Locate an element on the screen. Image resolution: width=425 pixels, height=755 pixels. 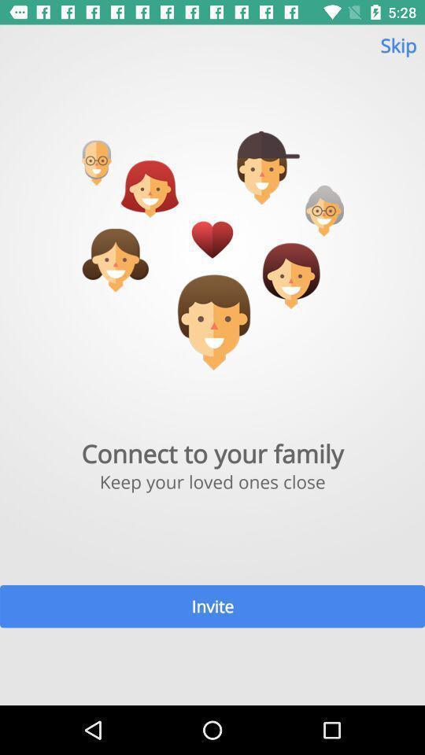
the skip at the top right corner is located at coordinates (397, 52).